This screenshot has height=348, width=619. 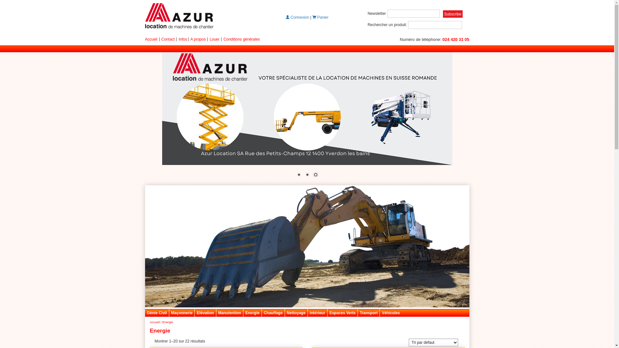 I want to click on '1', so click(x=298, y=175).